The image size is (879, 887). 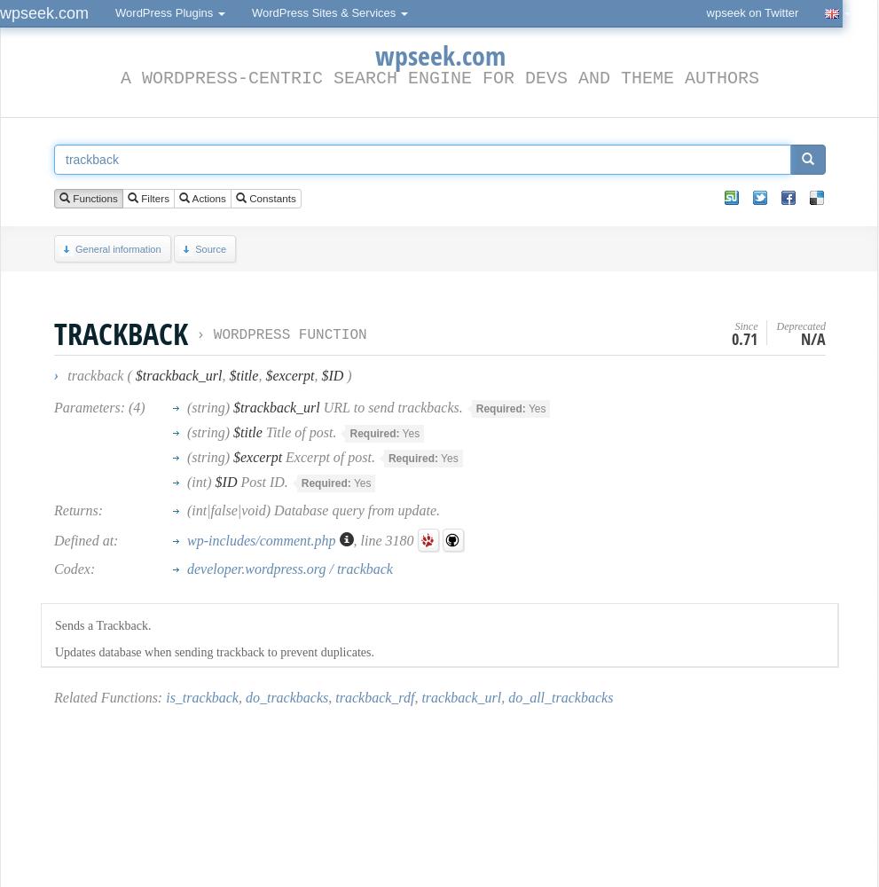 I want to click on 'do_all_trackbacks', so click(x=559, y=697).